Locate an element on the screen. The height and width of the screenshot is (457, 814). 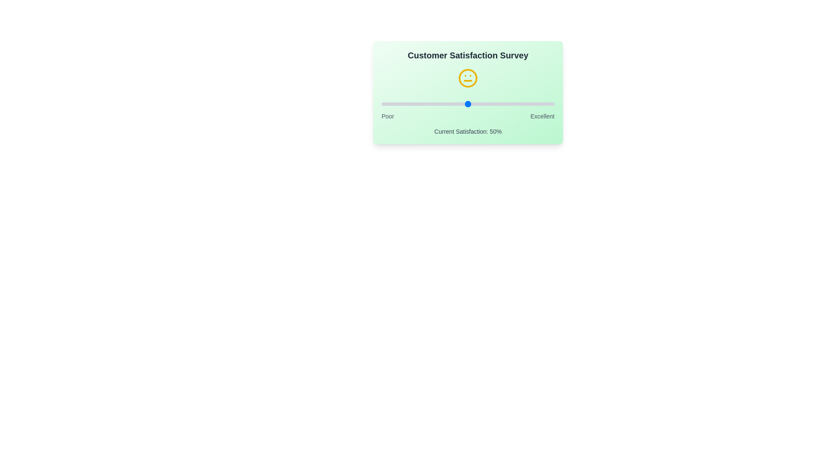
the satisfaction slider to 19% is located at coordinates (414, 104).